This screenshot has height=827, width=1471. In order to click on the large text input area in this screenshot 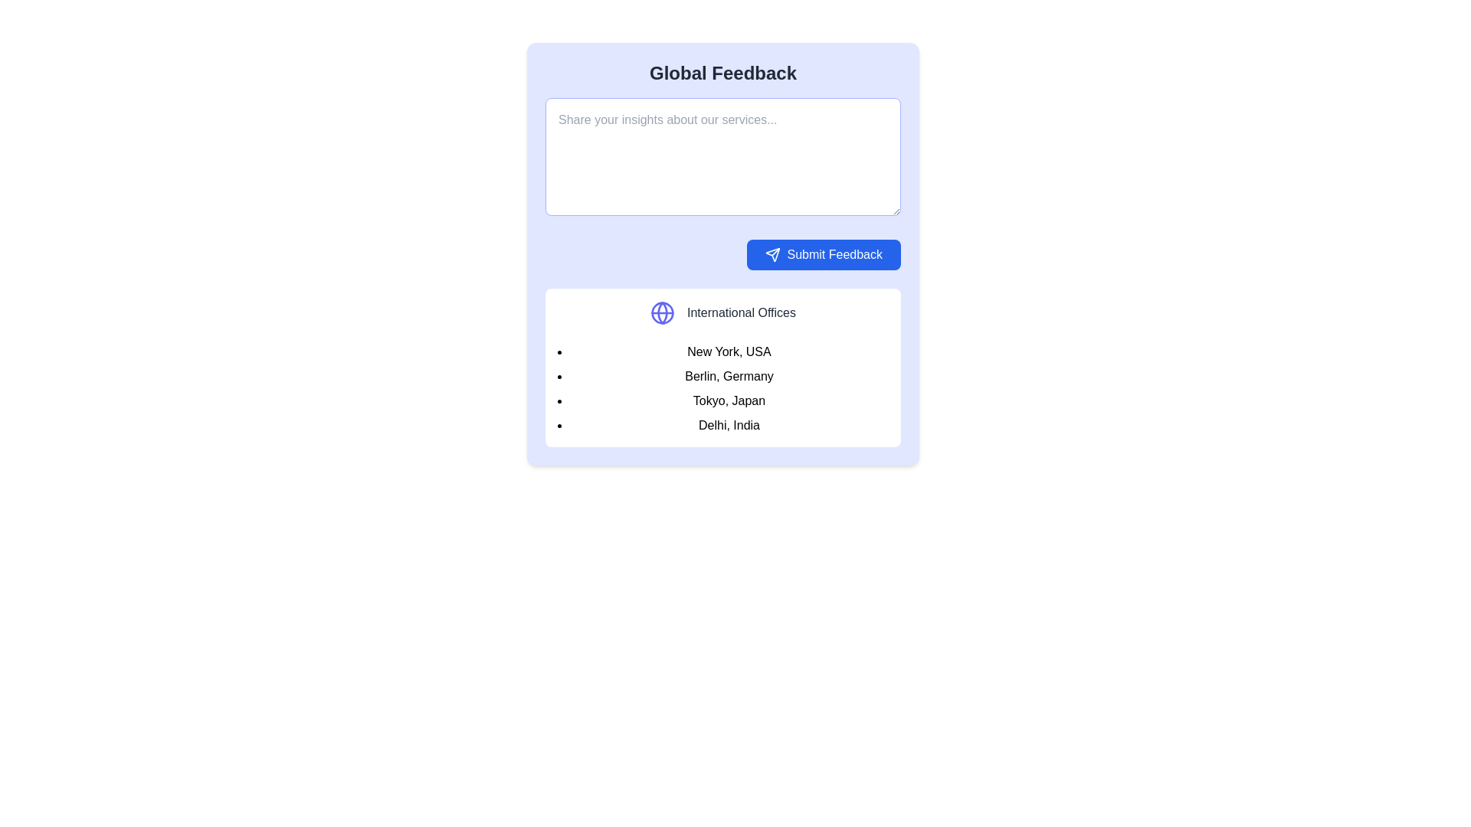, I will do `click(722, 156)`.